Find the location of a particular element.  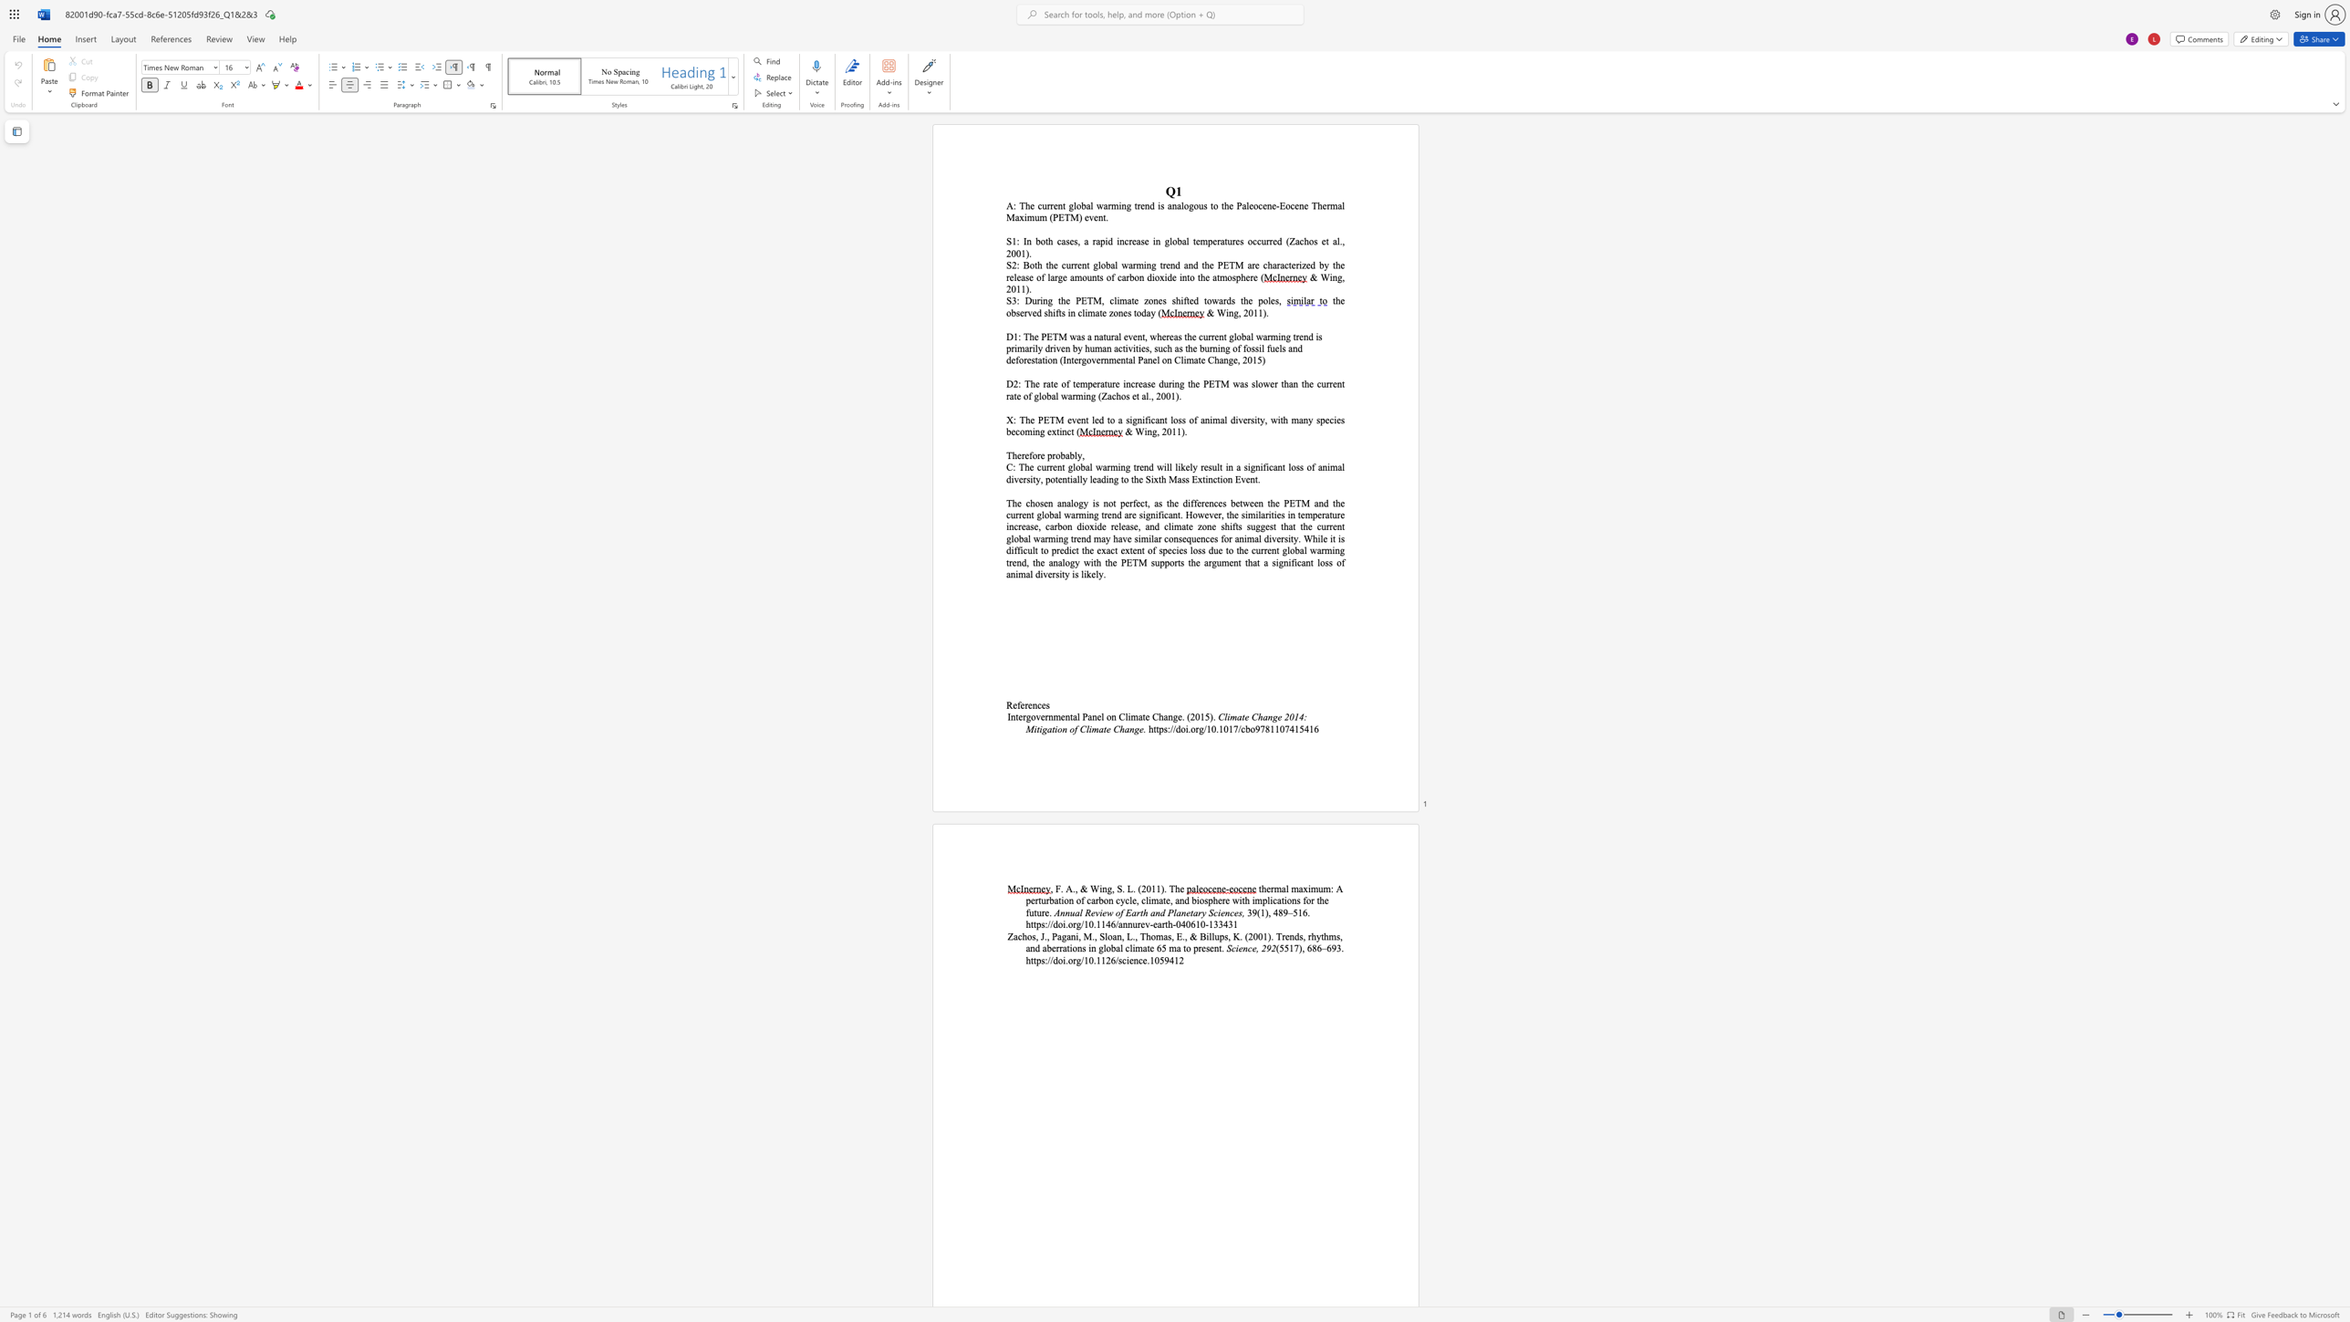

the subset text "netary S" within the text "Annual Review of Earth and Planetary Sciences," is located at coordinates (1181, 912).